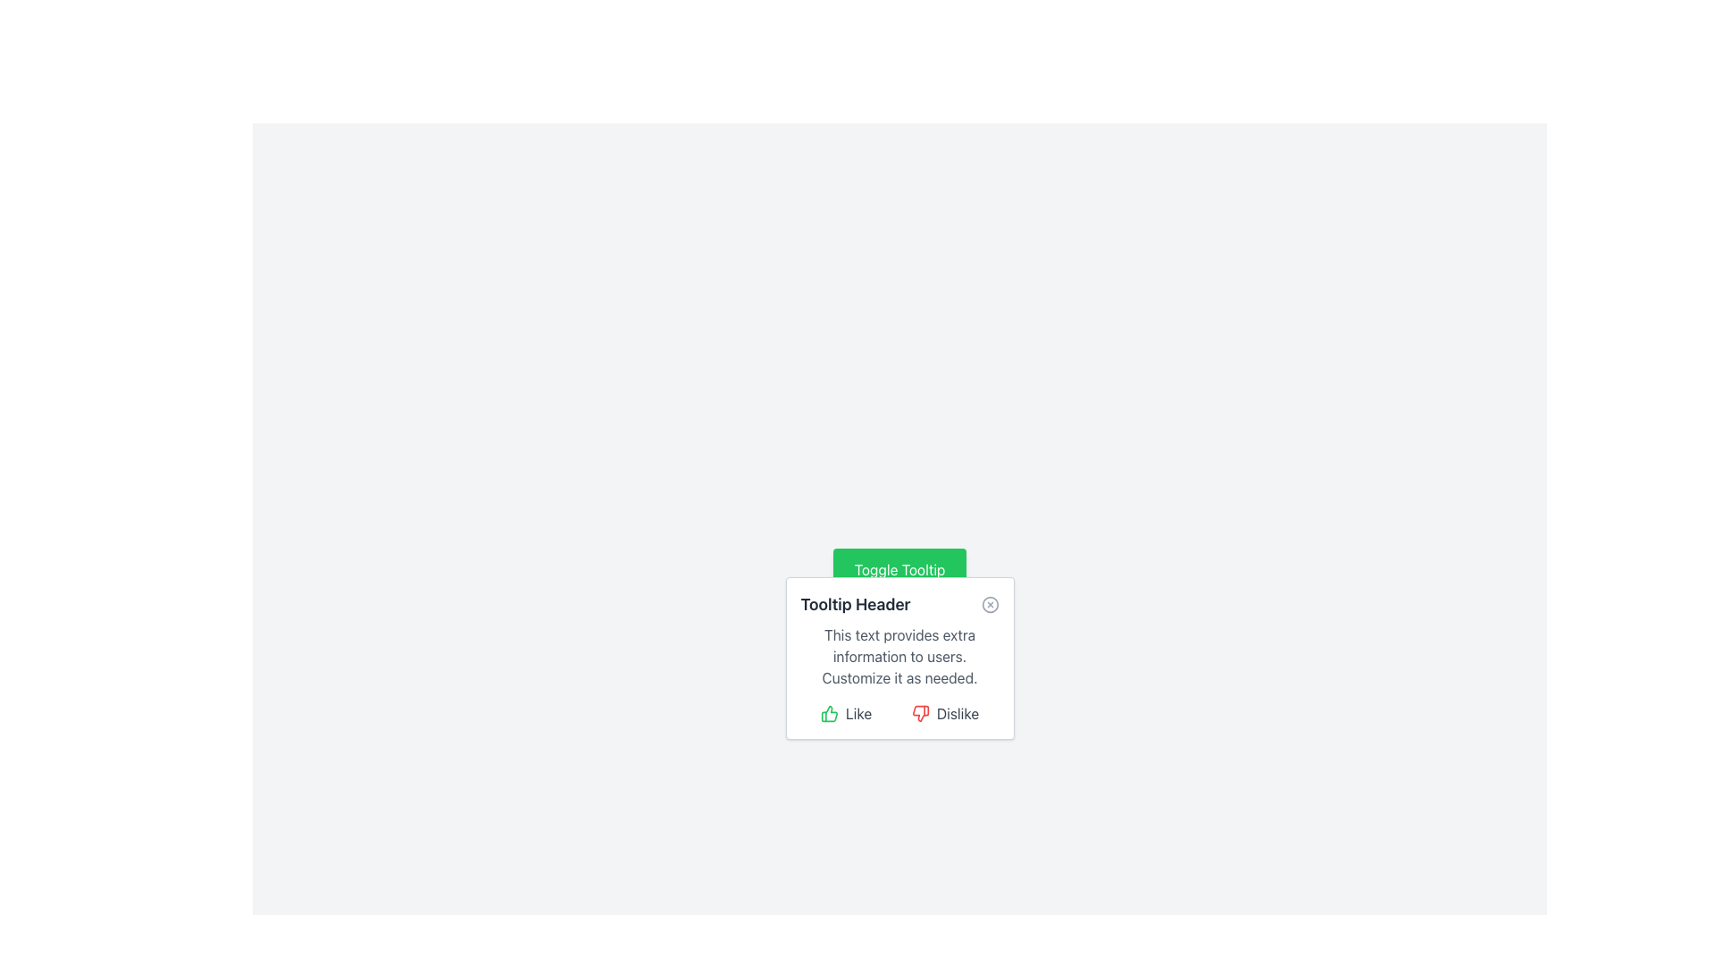  I want to click on the Static Text element located under 'Tooltip Header' and above the 'Like' and 'Dislike' buttons within the tooltip, so click(899, 657).